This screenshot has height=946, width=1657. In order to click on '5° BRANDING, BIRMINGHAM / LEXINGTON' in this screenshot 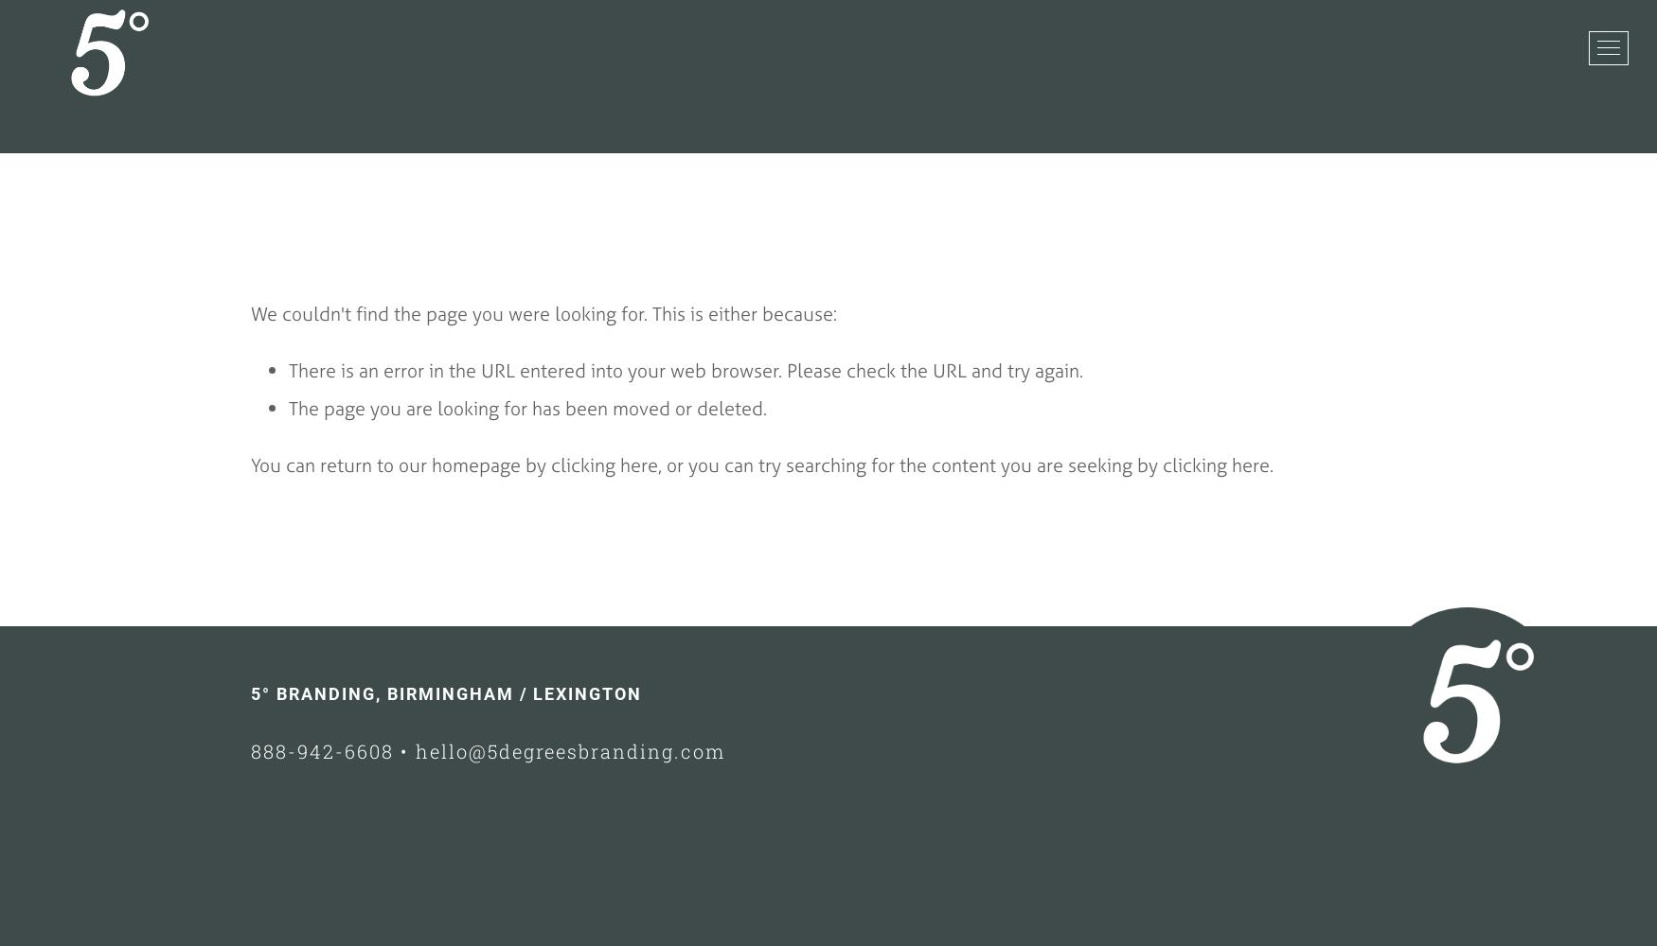, I will do `click(249, 692)`.